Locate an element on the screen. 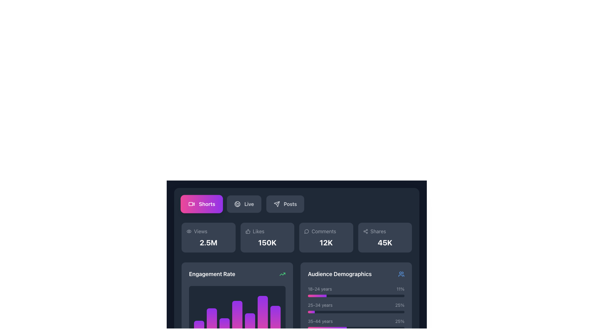 This screenshot has height=335, width=596. the text label displaying '11%' that is styled in gray and positioned to the right of the '18-24 years' demographic label in the 'Audience Demographics' section of the dashboard is located at coordinates (400, 289).